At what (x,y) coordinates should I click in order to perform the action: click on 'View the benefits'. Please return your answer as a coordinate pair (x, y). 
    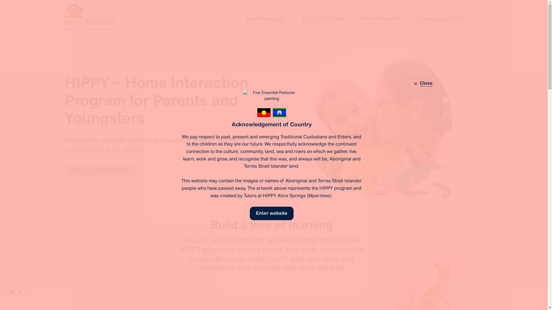
    Looking at the image, I should click on (354, 18).